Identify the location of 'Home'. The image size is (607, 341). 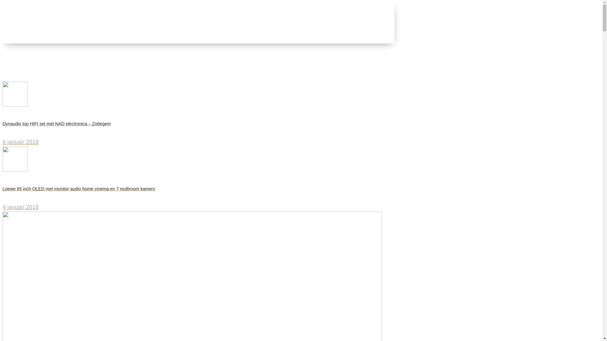
(23, 63).